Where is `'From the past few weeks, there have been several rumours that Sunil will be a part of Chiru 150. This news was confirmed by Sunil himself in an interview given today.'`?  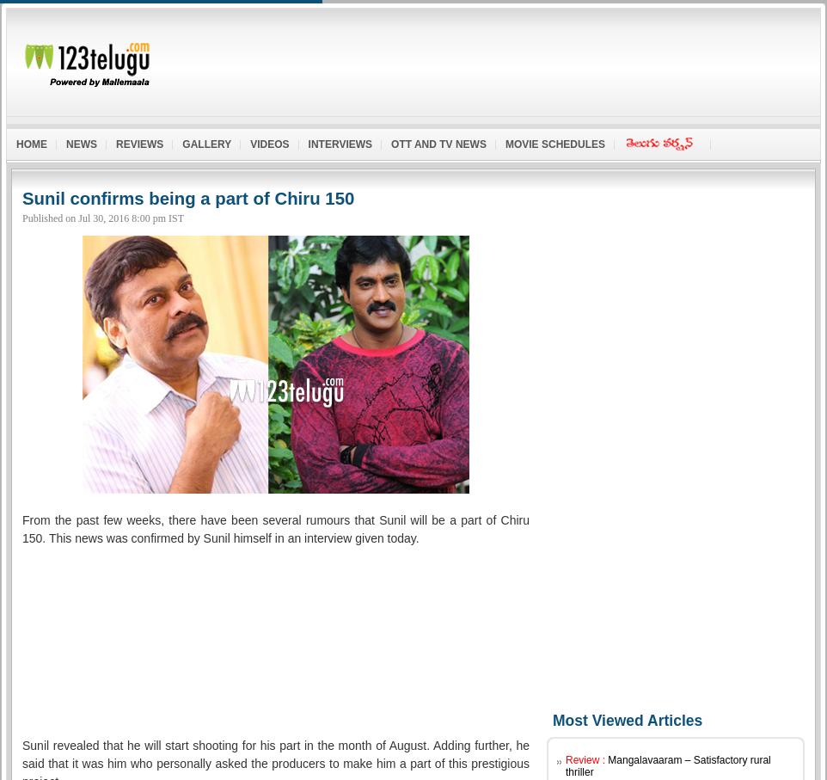
'From the past few weeks, there have been several rumours that Sunil will be a part of Chiru 150. This news was confirmed by Sunil himself in an interview given today.' is located at coordinates (275, 527).